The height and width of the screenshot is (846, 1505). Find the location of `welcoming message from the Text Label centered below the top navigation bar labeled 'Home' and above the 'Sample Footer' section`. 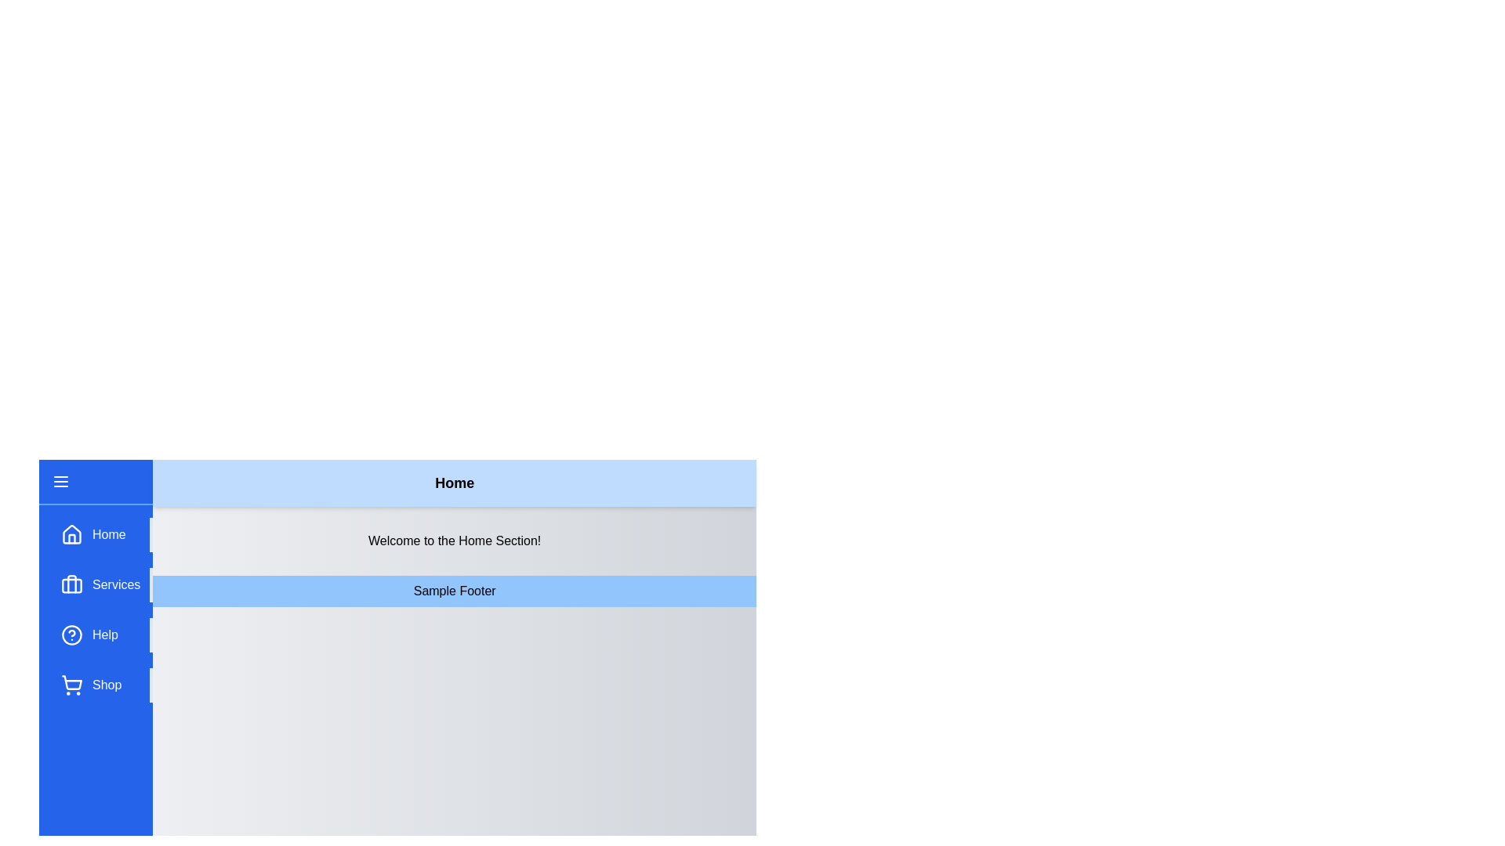

welcoming message from the Text Label centered below the top navigation bar labeled 'Home' and above the 'Sample Footer' section is located at coordinates (454, 540).